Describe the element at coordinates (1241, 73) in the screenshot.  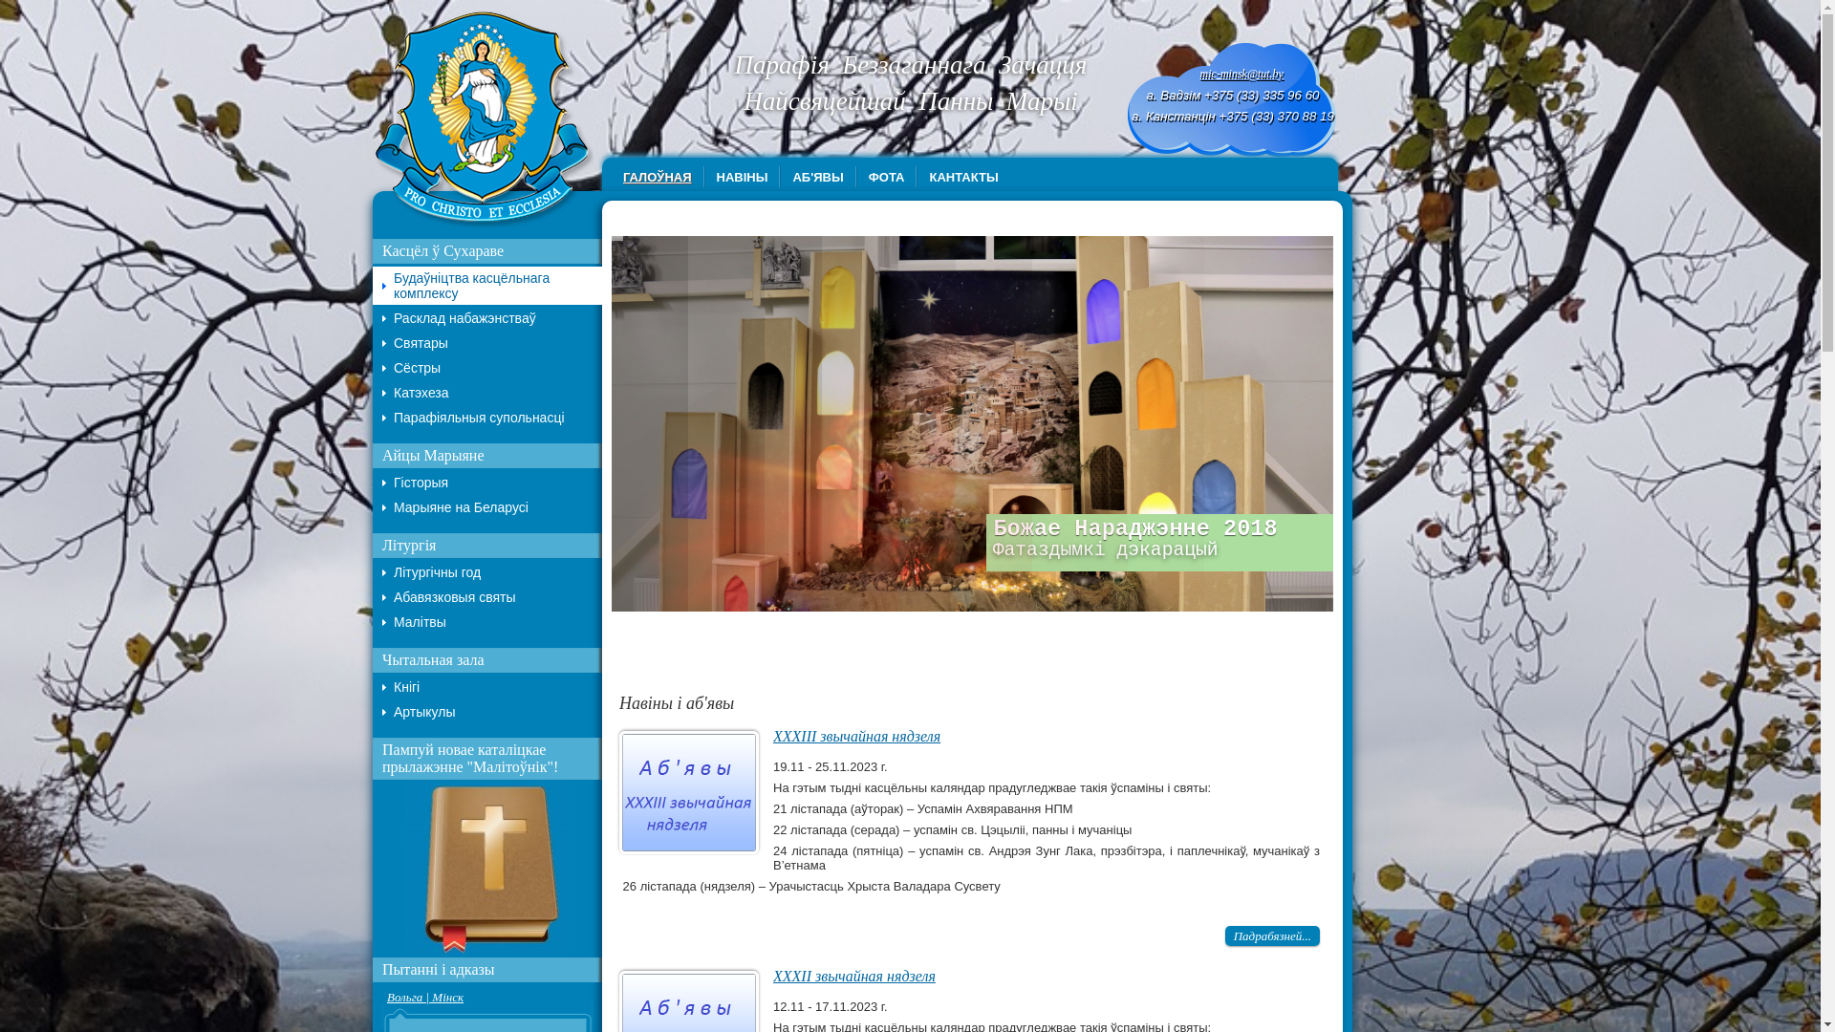
I see `'mic-minsk@tut.by'` at that location.